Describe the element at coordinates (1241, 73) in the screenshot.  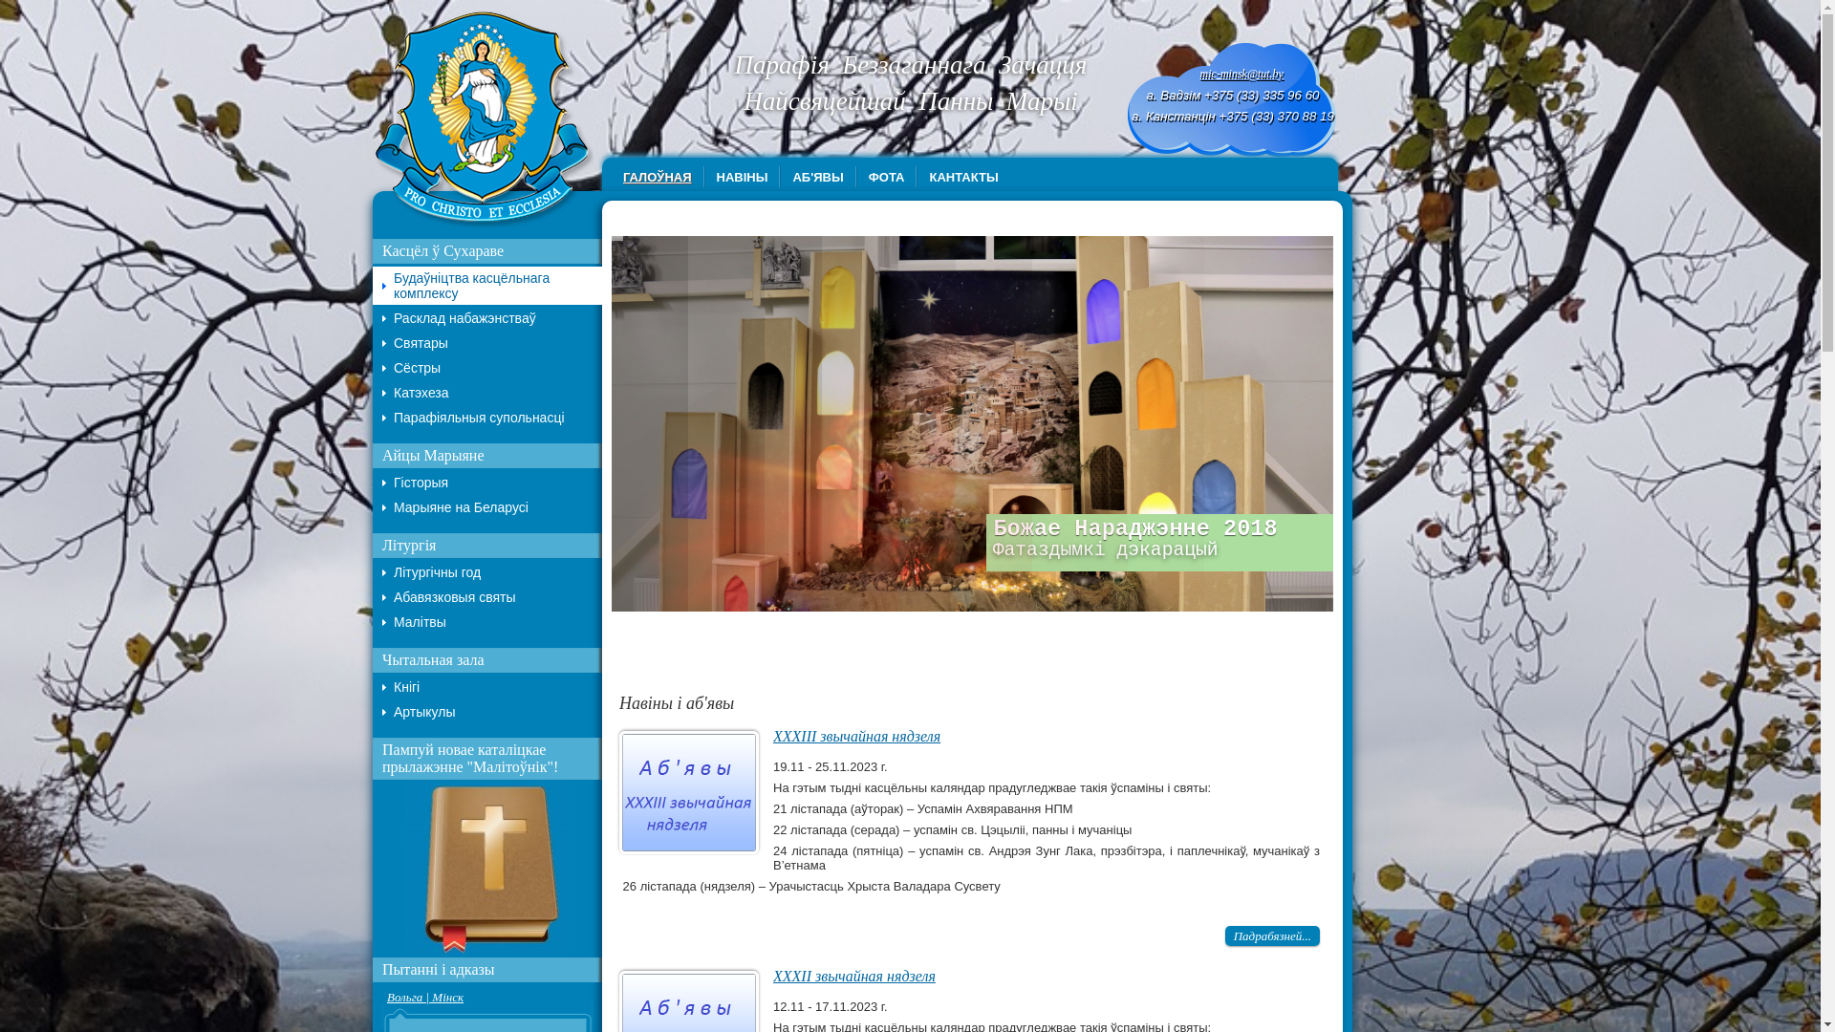
I see `'mic-minsk@tut.by'` at that location.